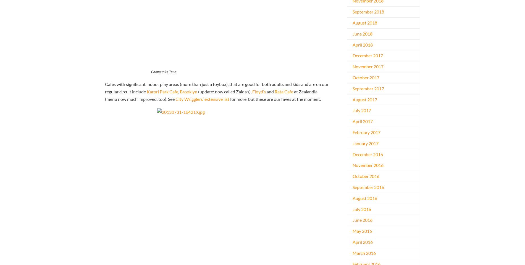 This screenshot has height=265, width=525. I want to click on 'April 2017', so click(362, 121).